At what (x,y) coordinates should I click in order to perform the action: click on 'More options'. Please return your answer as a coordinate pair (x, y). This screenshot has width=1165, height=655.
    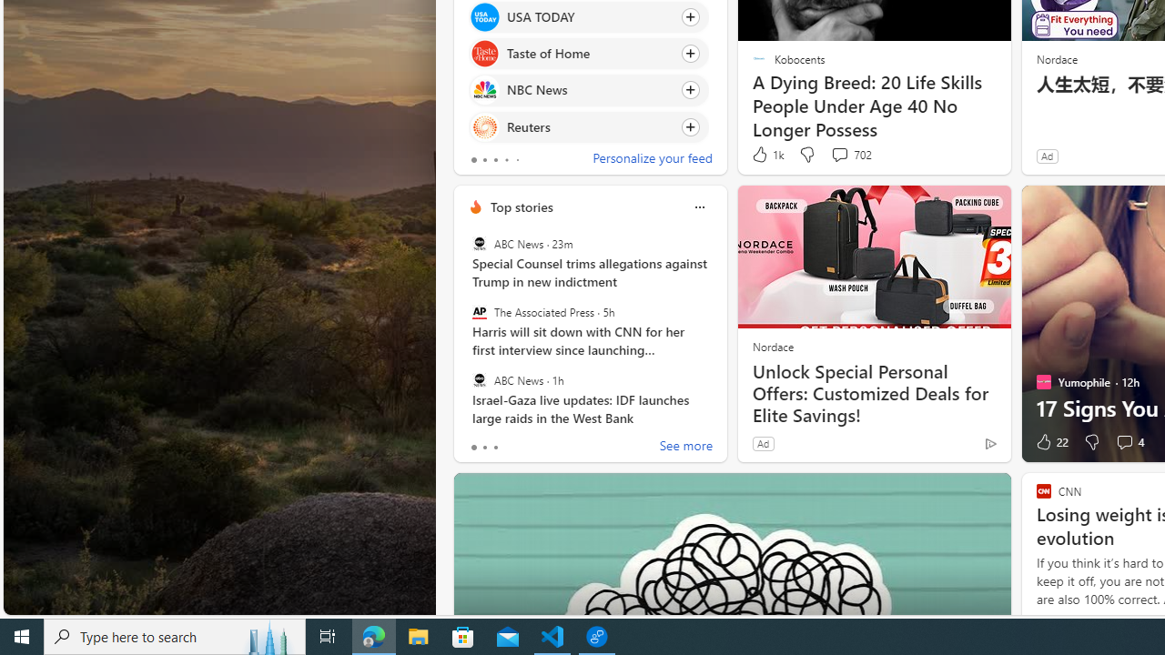
    Looking at the image, I should click on (698, 206).